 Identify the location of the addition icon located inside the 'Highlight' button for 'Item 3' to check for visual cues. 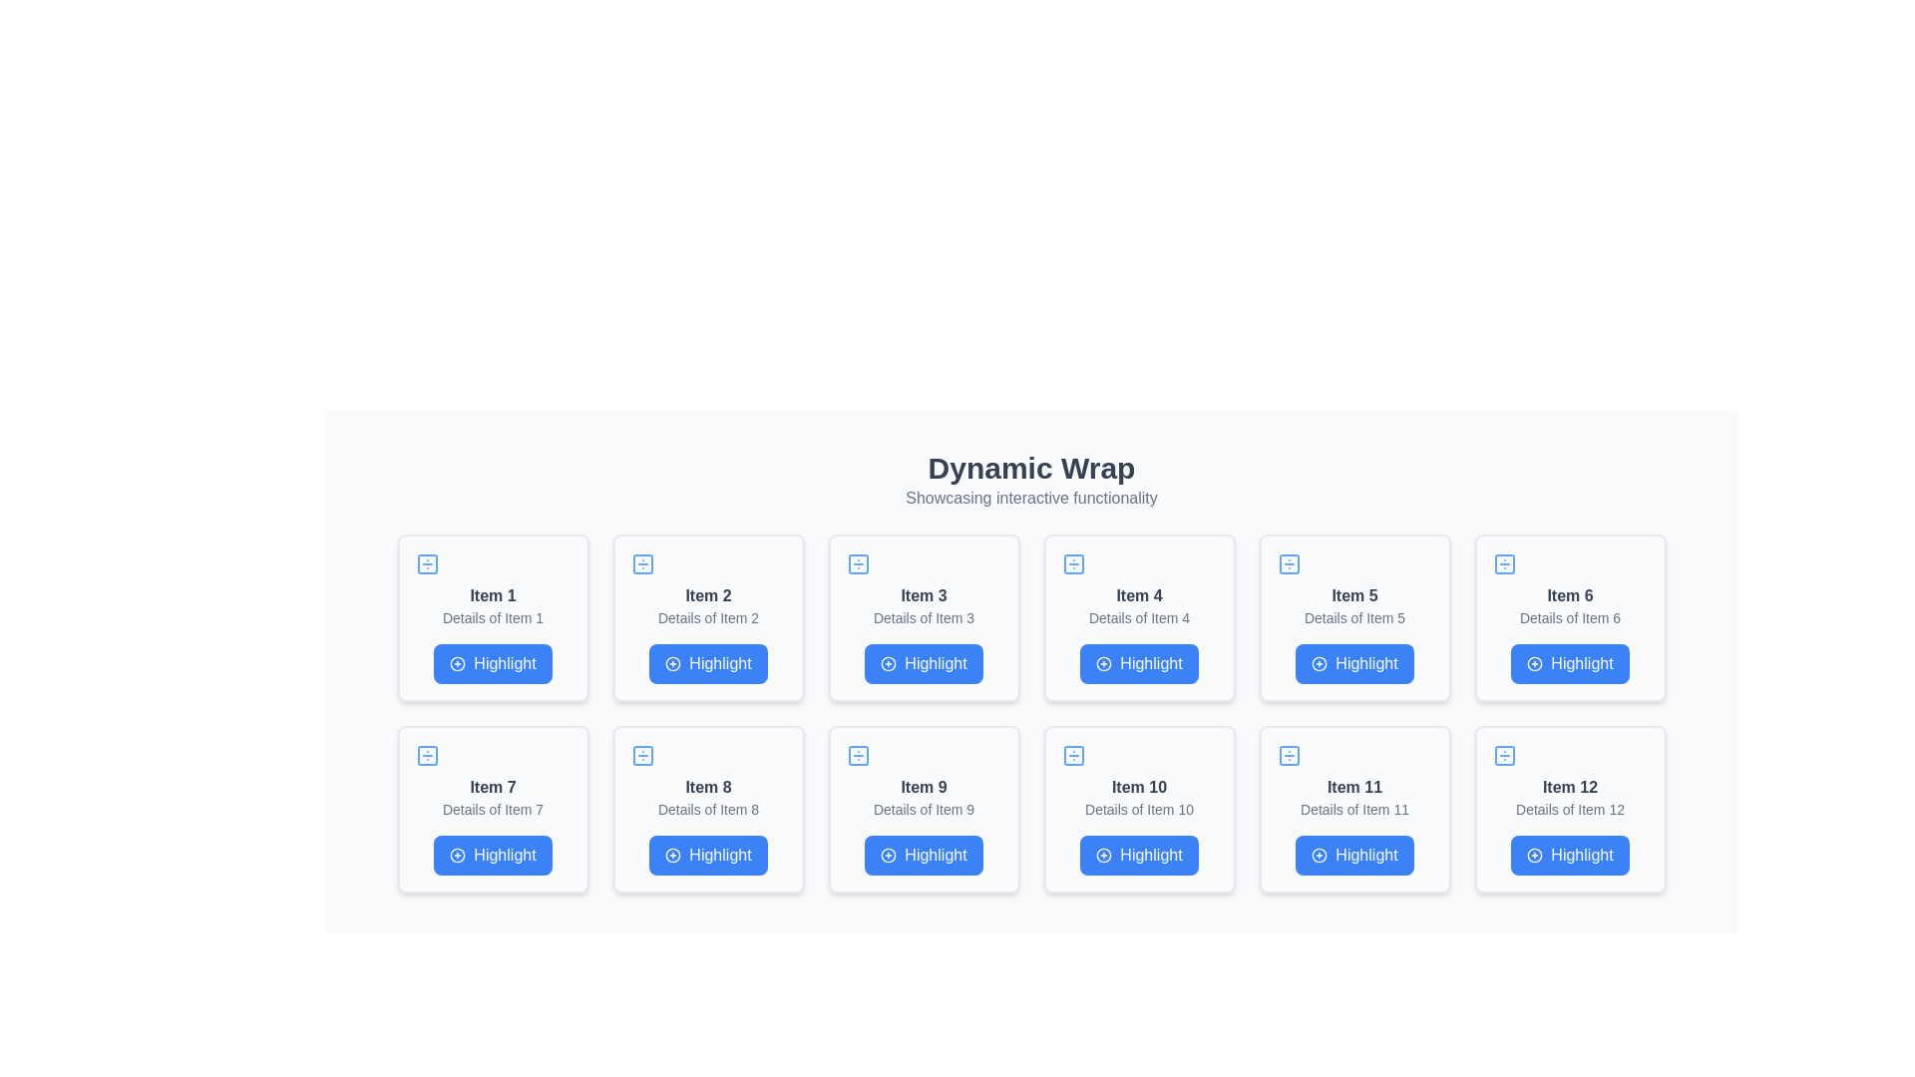
(888, 664).